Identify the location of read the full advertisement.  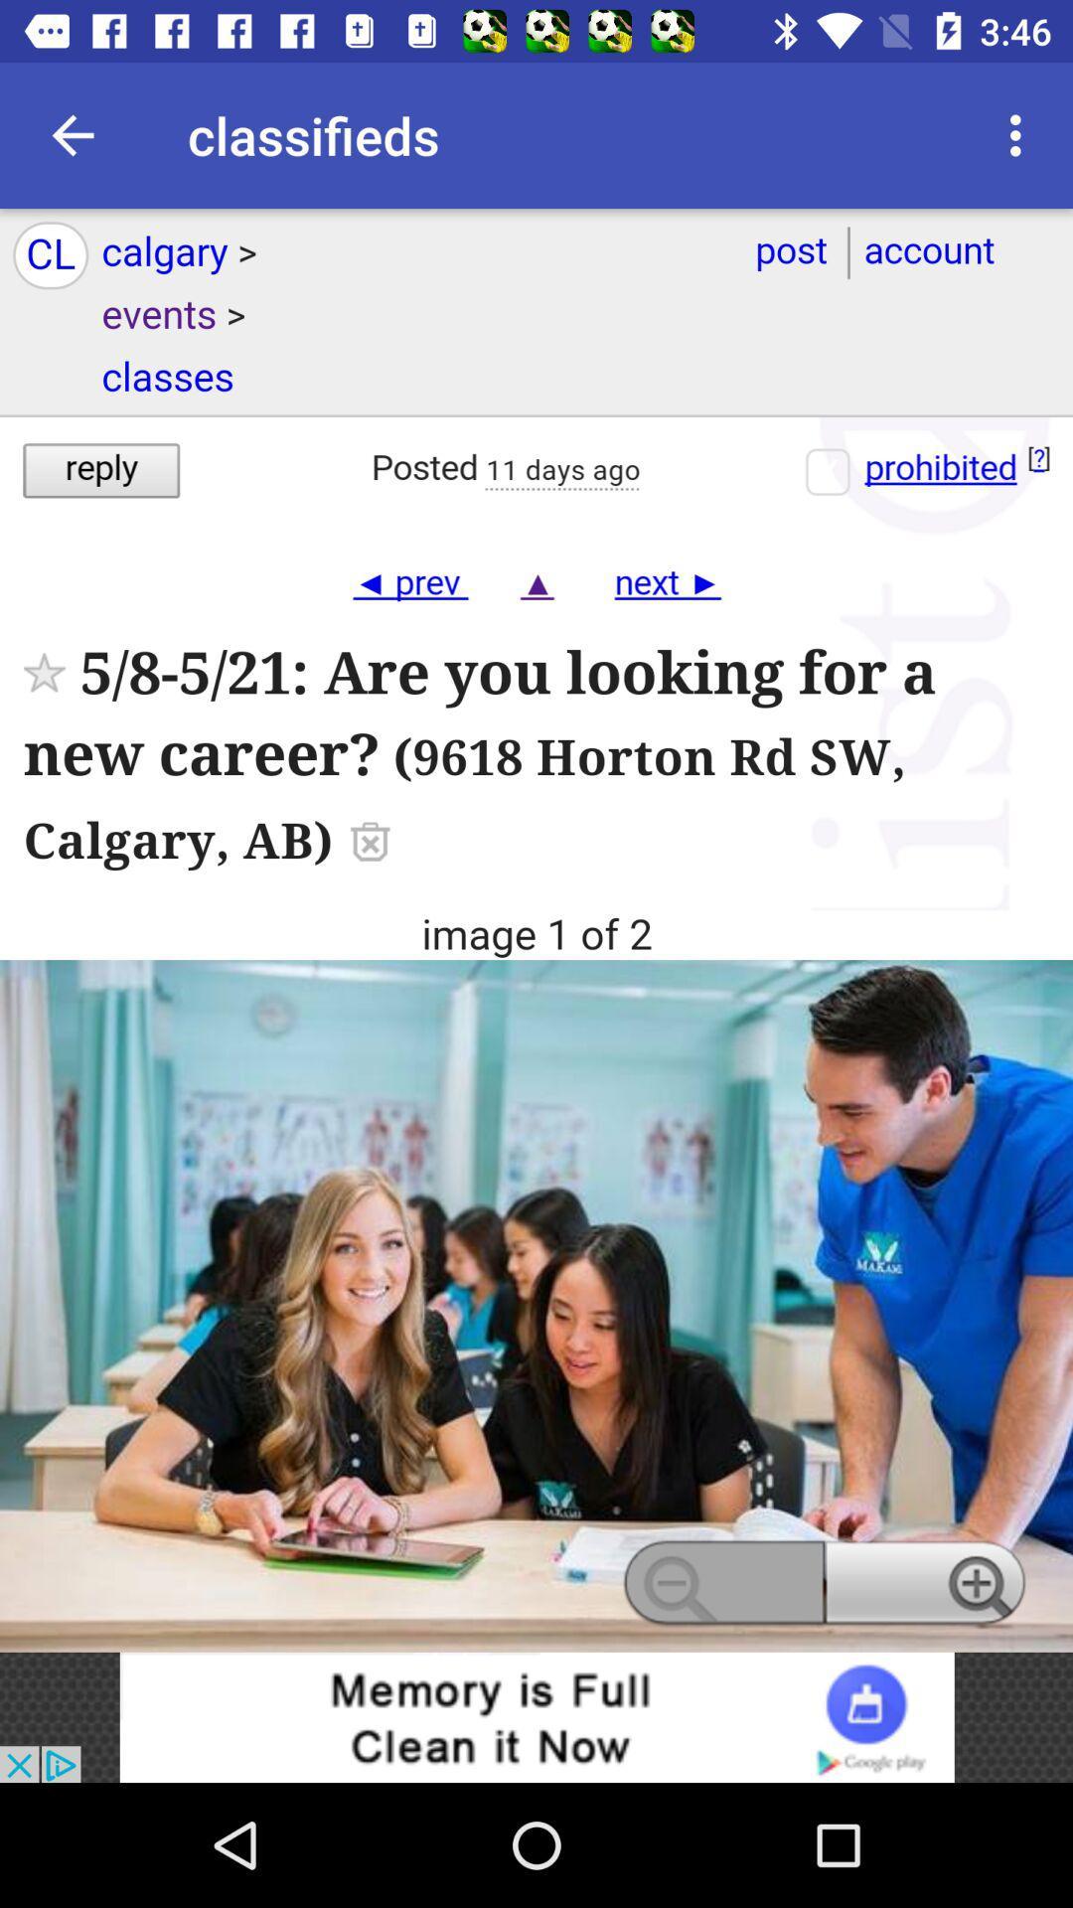
(536, 929).